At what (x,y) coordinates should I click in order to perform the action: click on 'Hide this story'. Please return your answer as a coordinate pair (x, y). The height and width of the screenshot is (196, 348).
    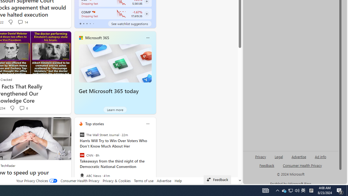
    Looking at the image, I should click on (55, 124).